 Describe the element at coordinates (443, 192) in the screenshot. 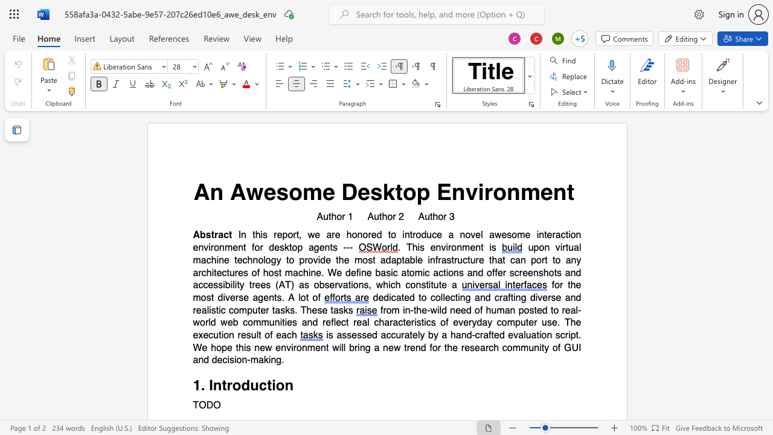

I see `the 1th character "E" in the text` at that location.